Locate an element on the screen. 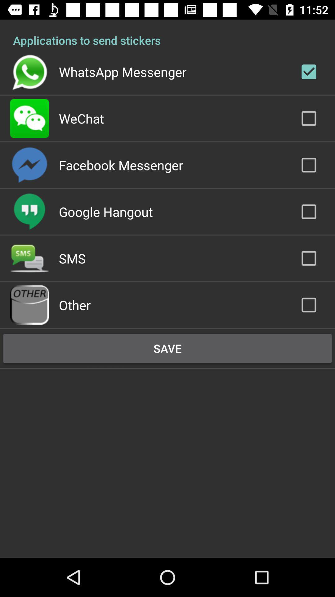 The width and height of the screenshot is (335, 597). the wechat app is located at coordinates (81, 118).